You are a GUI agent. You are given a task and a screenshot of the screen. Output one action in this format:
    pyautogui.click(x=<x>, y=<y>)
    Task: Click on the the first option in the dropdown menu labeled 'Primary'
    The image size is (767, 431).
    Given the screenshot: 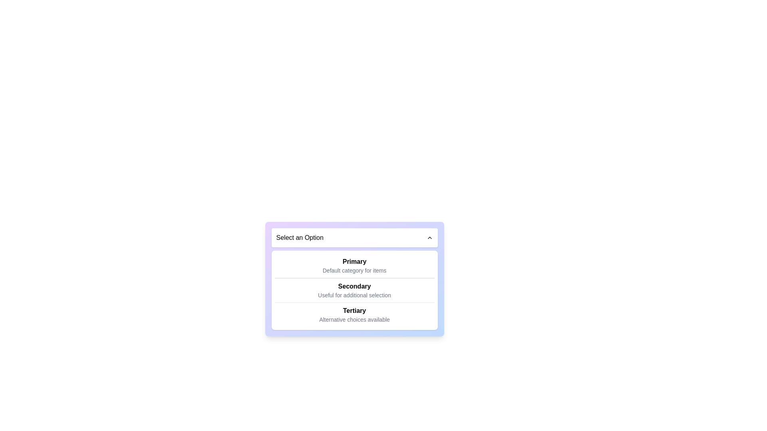 What is the action you would take?
    pyautogui.click(x=354, y=266)
    